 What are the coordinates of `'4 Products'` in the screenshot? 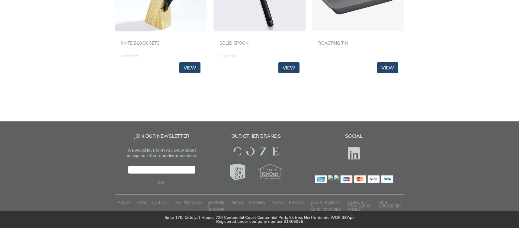 It's located at (129, 56).